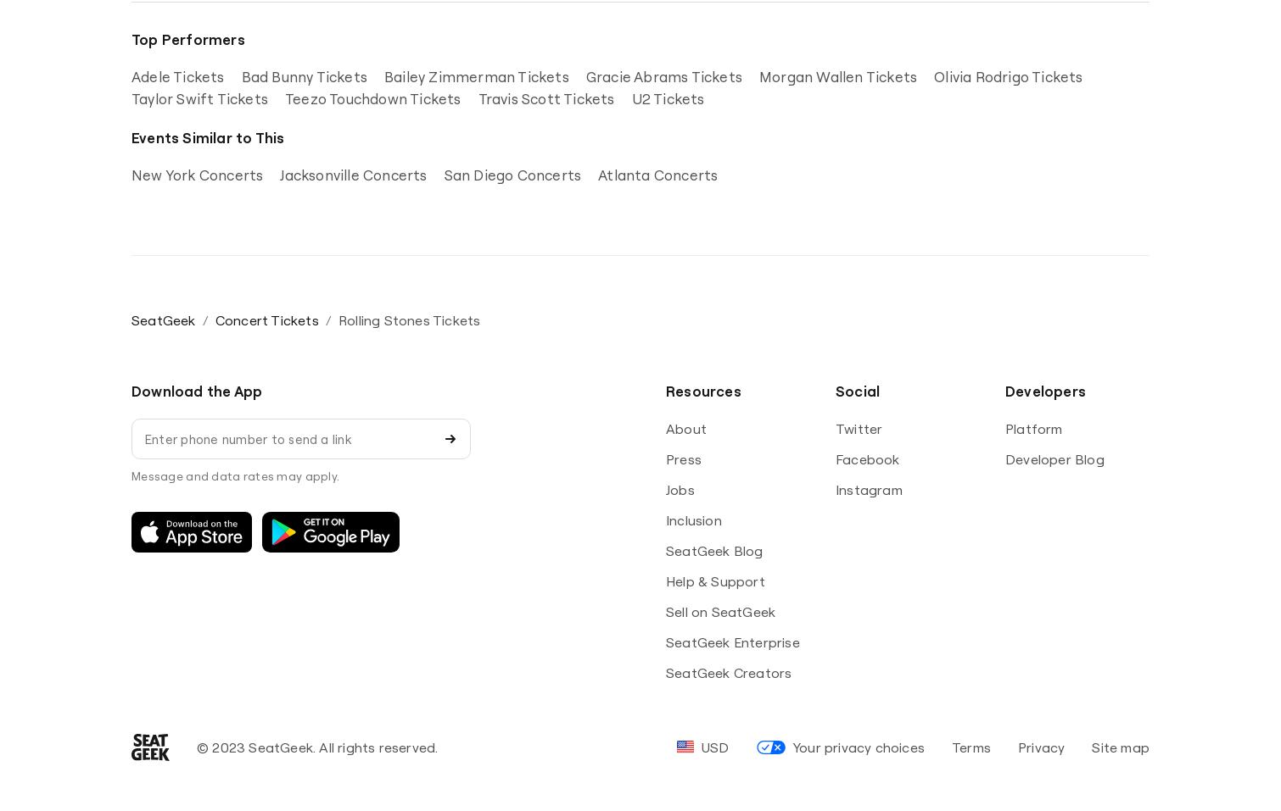 The width and height of the screenshot is (1281, 811). I want to click on 'Social', so click(835, 390).